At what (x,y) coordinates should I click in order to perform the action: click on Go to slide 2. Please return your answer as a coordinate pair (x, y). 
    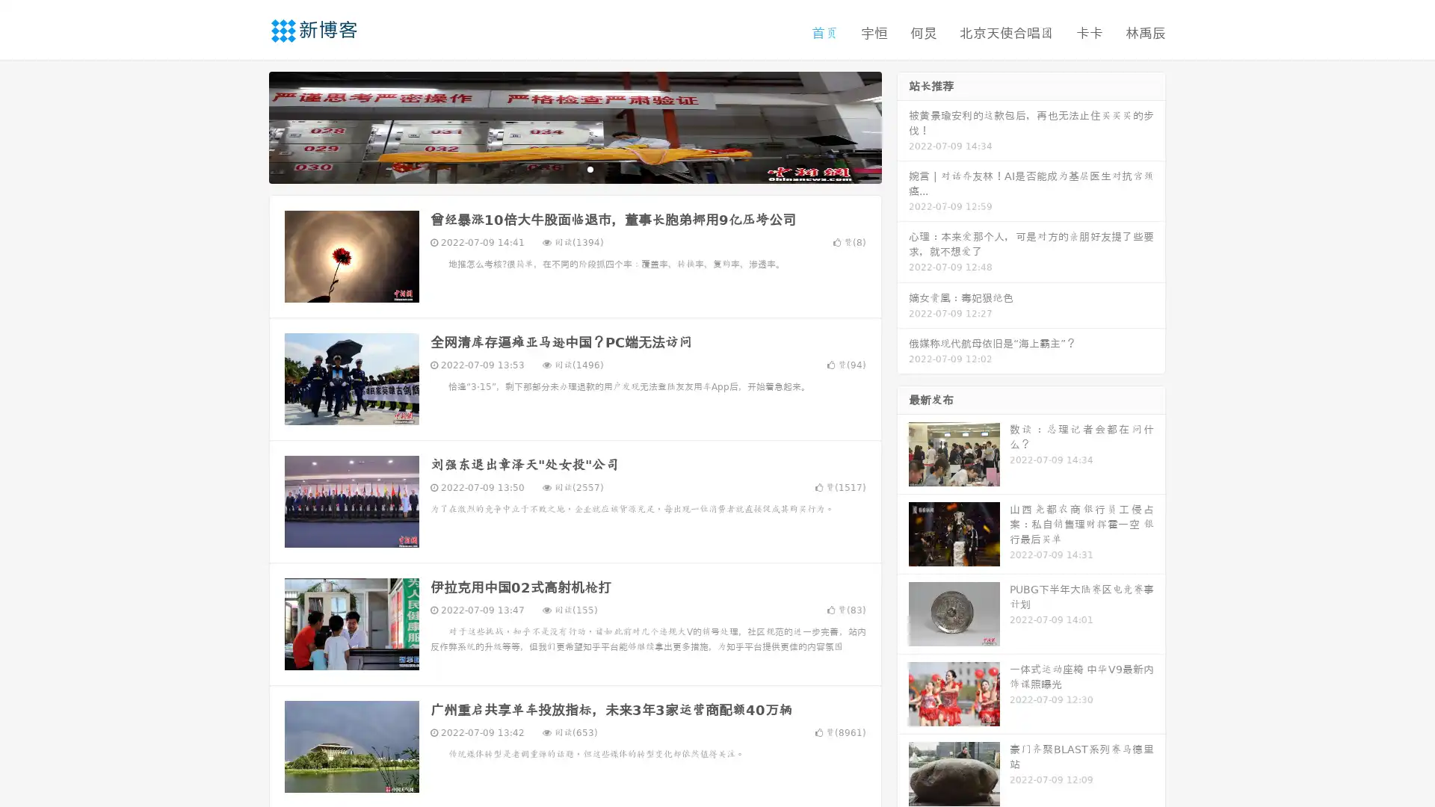
    Looking at the image, I should click on (574, 168).